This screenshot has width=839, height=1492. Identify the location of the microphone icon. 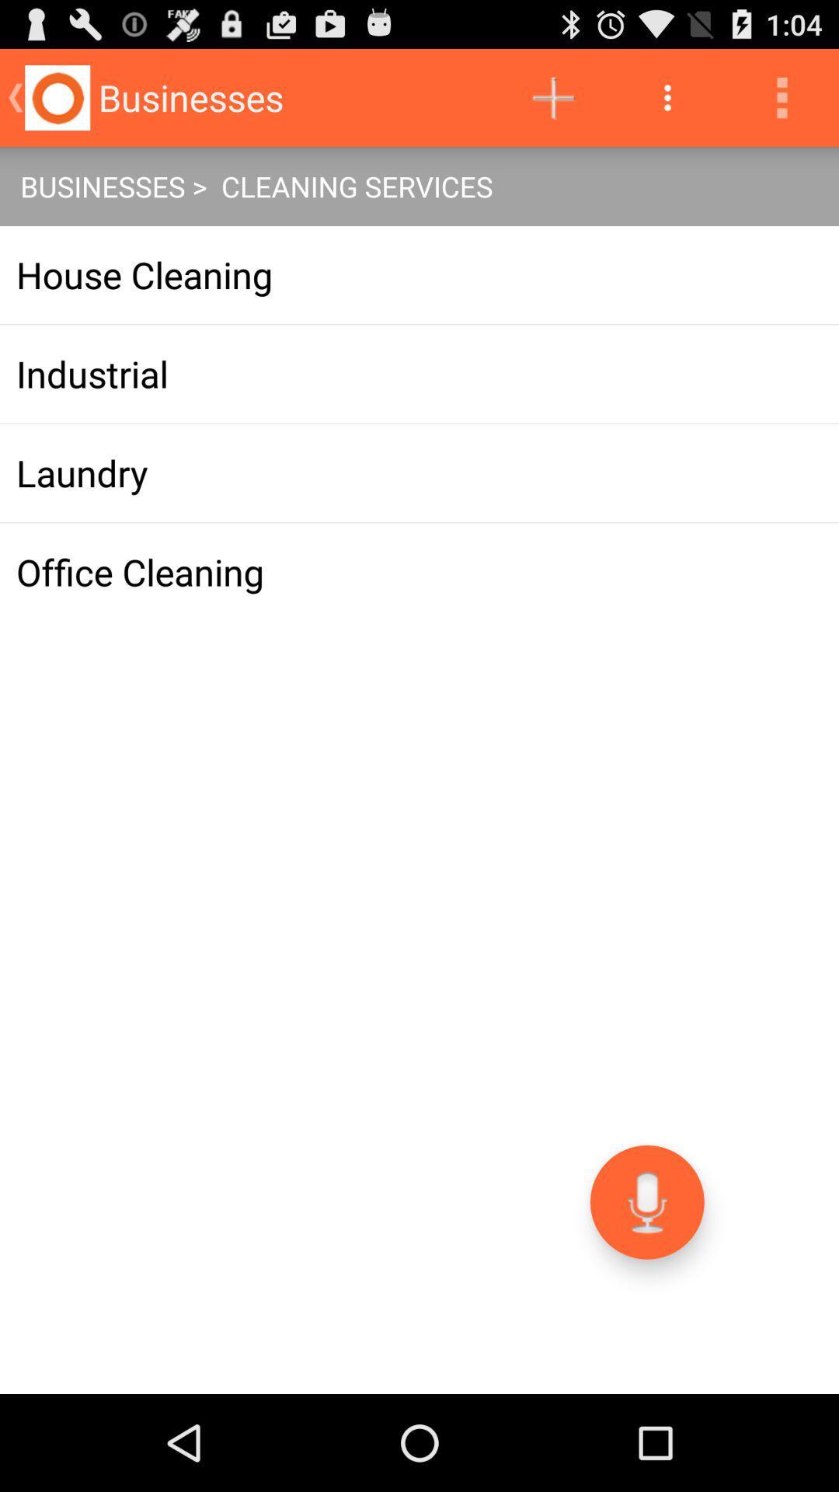
(647, 1287).